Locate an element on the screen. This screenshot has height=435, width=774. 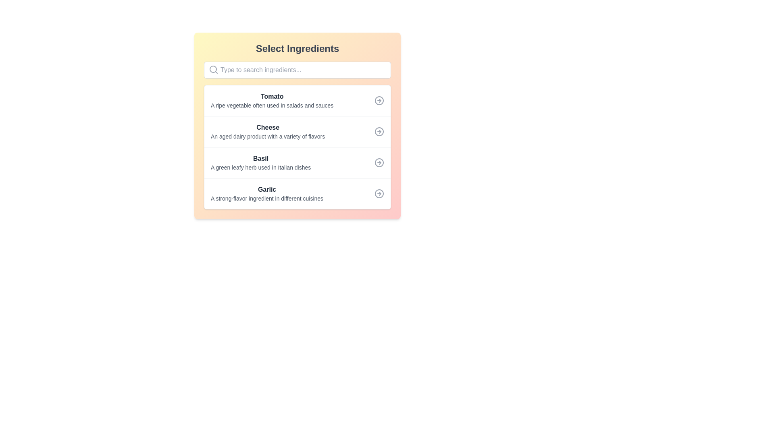
the 'Cheese' ingredient label, which is the second entry in the vertical list of ingredients, positioned between 'Tomato' and 'Basil' is located at coordinates (268, 127).